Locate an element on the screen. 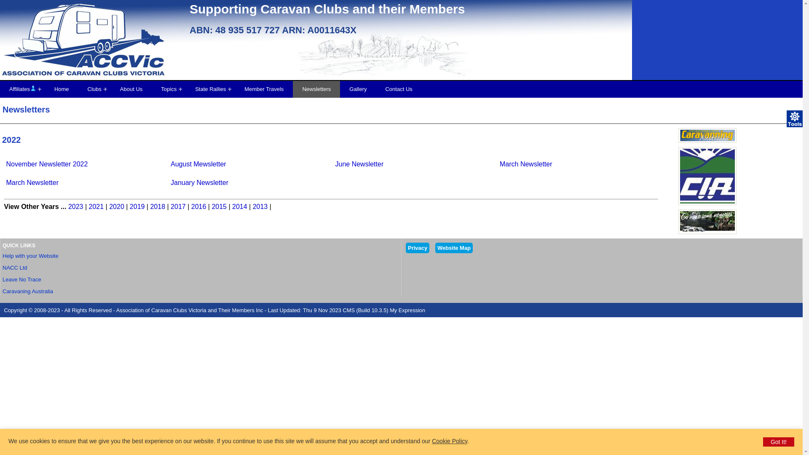  'Tools' is located at coordinates (794, 118).